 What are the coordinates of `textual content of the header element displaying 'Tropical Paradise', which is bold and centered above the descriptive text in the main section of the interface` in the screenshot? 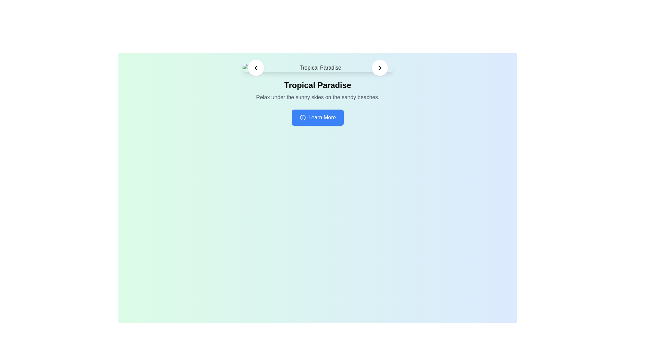 It's located at (317, 85).